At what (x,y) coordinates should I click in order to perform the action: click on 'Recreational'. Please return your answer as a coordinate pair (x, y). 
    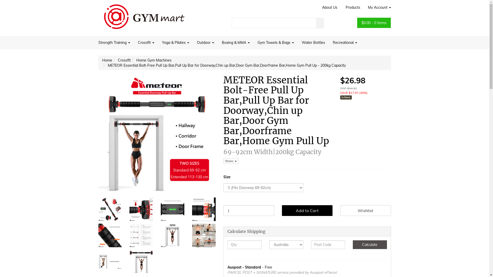
    Looking at the image, I should click on (329, 42).